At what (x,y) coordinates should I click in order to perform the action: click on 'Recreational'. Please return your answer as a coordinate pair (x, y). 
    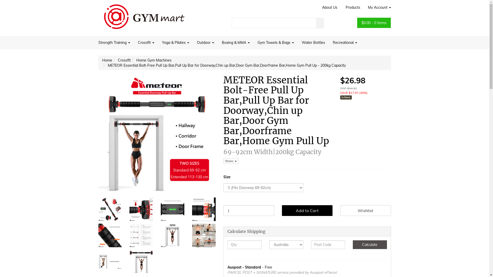
    Looking at the image, I should click on (329, 42).